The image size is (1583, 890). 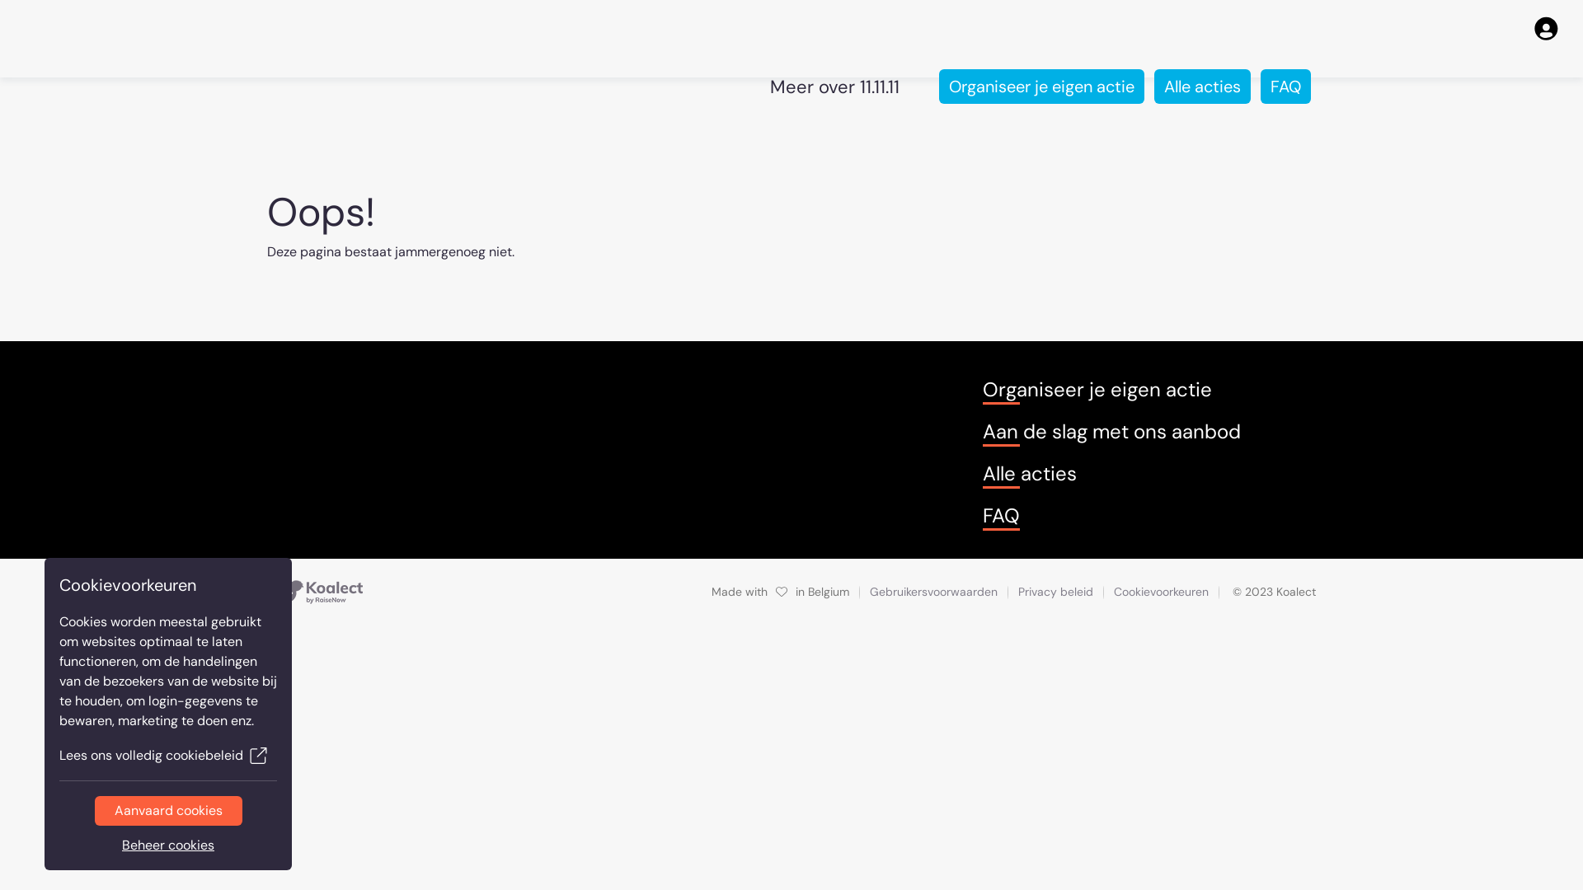 I want to click on 'Aan de slag met ons aanbod', so click(x=1111, y=431).